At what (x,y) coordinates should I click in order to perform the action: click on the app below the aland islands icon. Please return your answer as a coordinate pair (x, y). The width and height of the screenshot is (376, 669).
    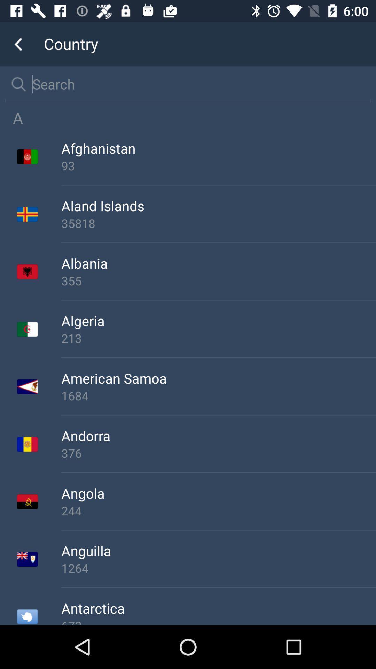
    Looking at the image, I should click on (218, 223).